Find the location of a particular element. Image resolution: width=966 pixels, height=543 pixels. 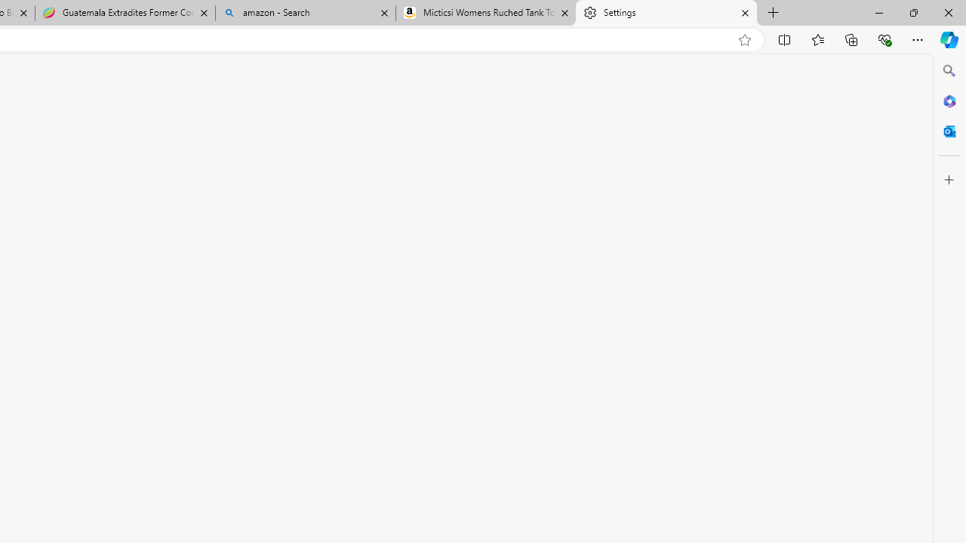

'amazon - Search' is located at coordinates (304, 13).